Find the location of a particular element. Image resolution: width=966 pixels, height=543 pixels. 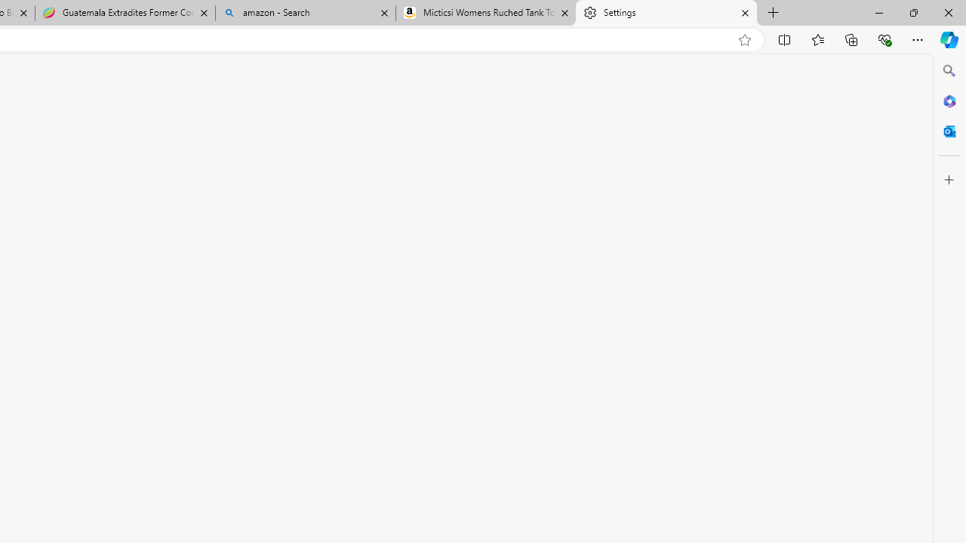

'amazon - Search' is located at coordinates (304, 13).